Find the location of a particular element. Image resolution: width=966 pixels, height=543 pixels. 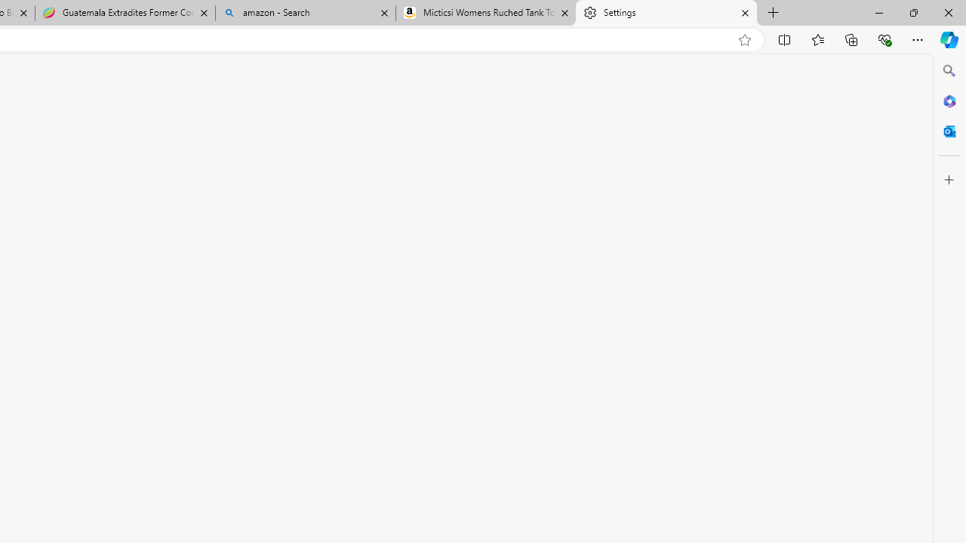

'amazon - Search' is located at coordinates (304, 13).